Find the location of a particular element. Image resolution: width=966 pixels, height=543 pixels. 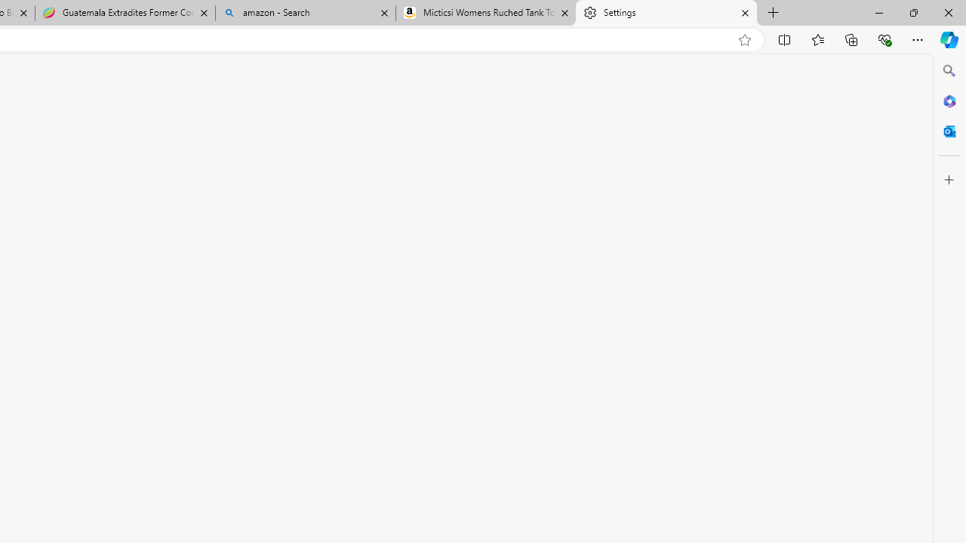

'amazon - Search' is located at coordinates (304, 13).